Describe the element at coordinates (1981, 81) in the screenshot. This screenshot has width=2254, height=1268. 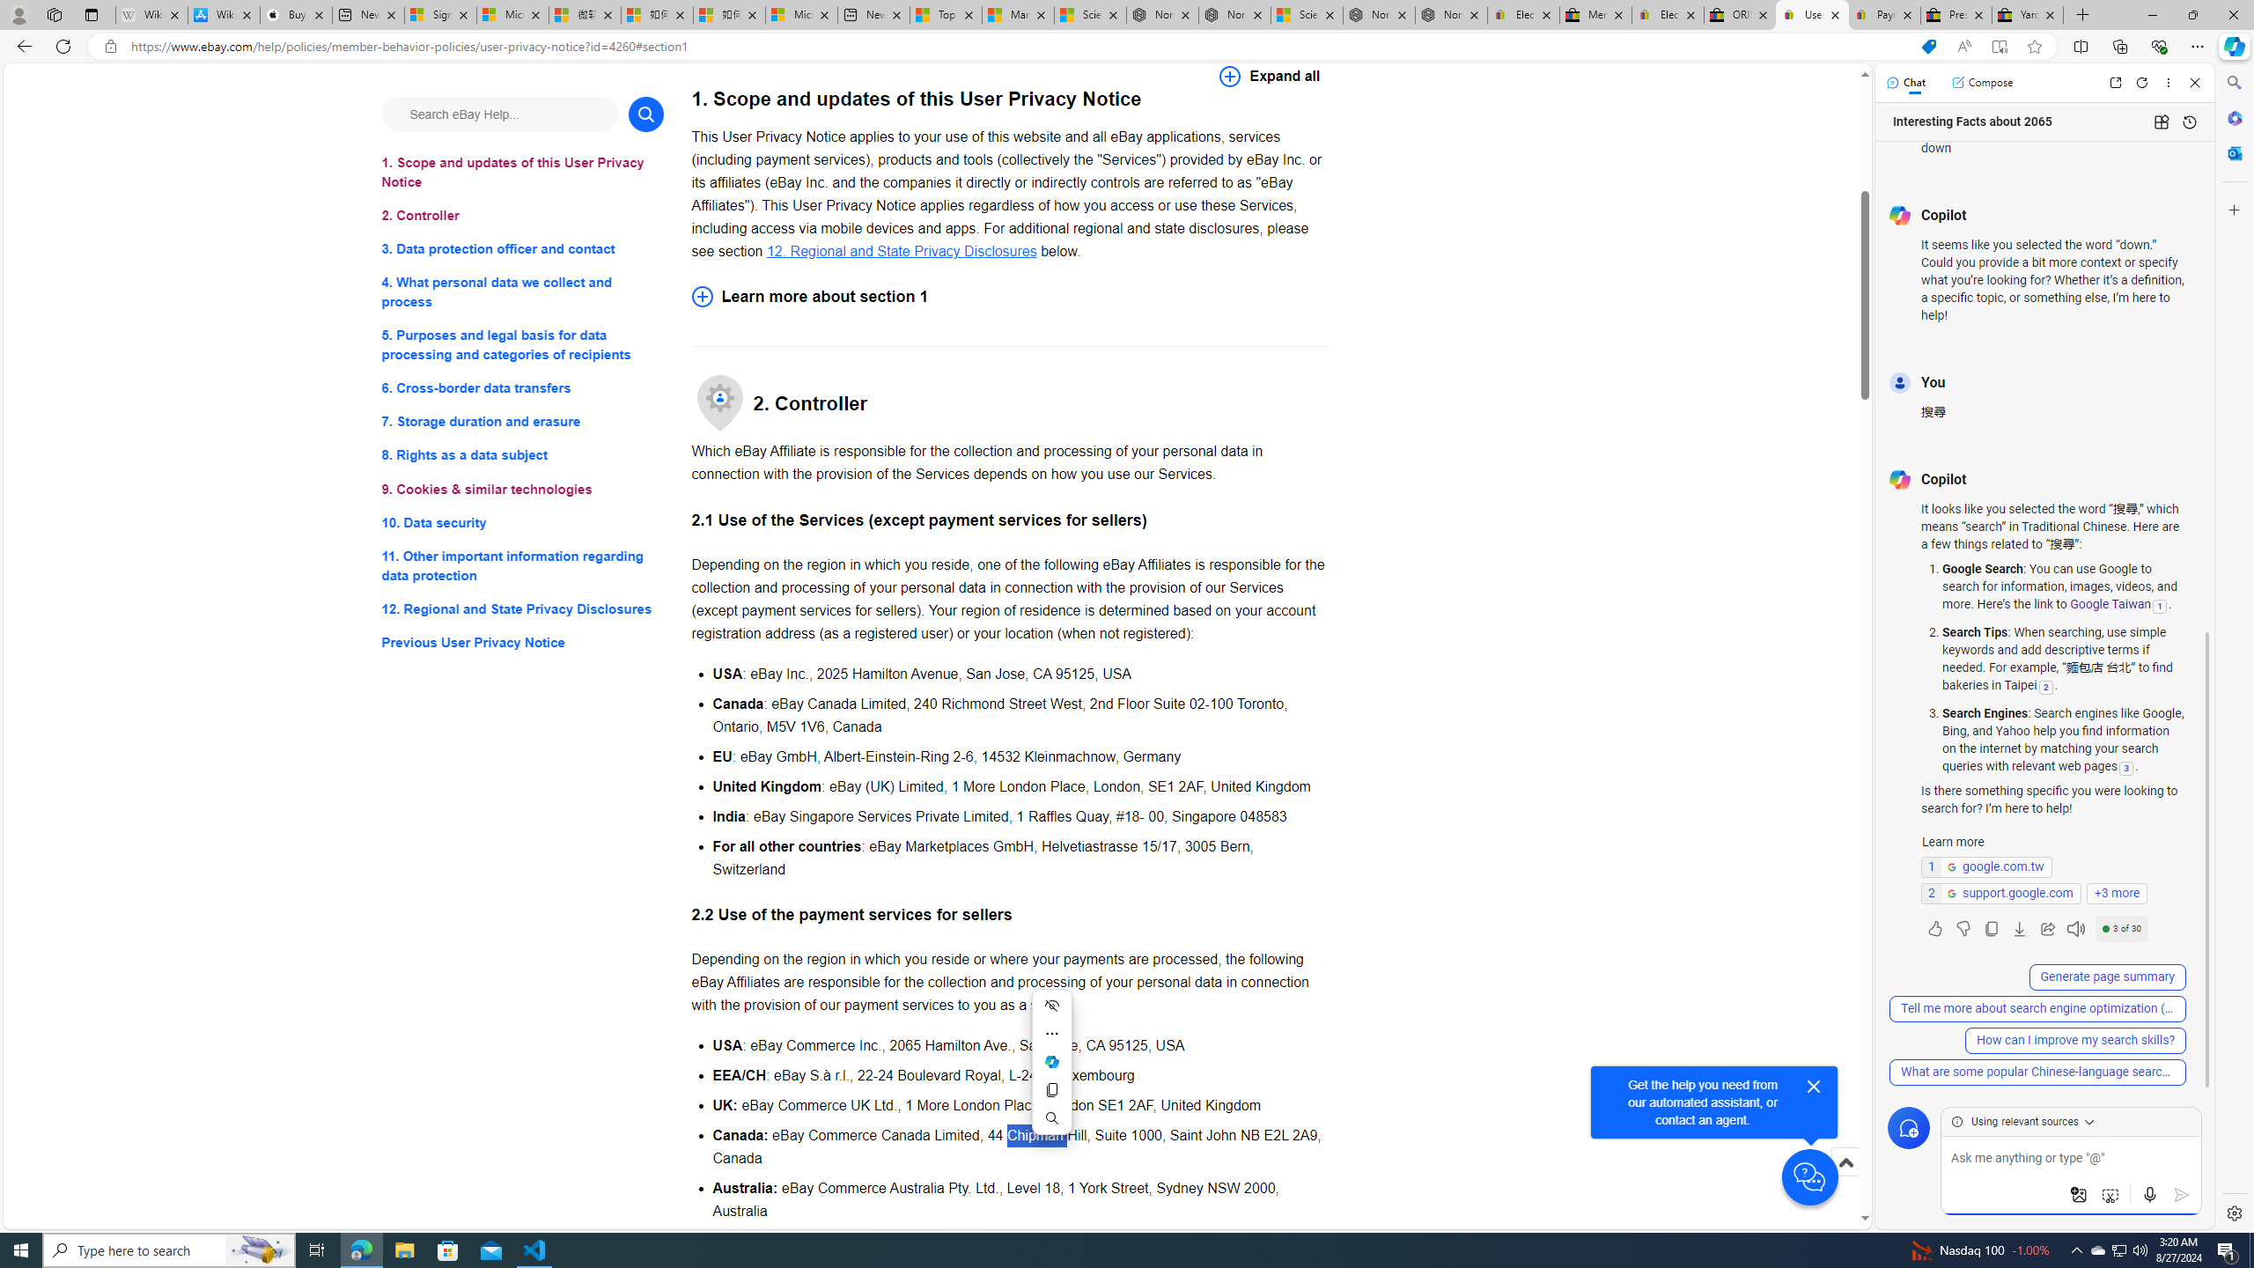
I see `'Compose'` at that location.